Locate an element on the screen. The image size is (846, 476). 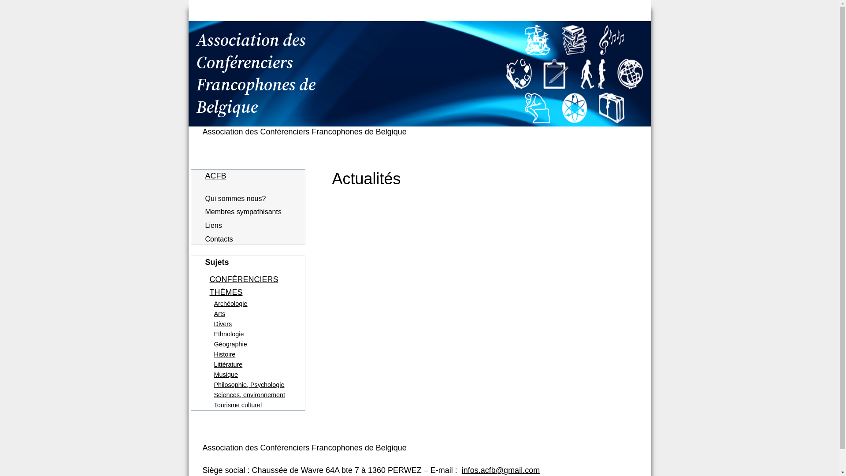
'Philosophie, Psychologie' is located at coordinates (249, 384).